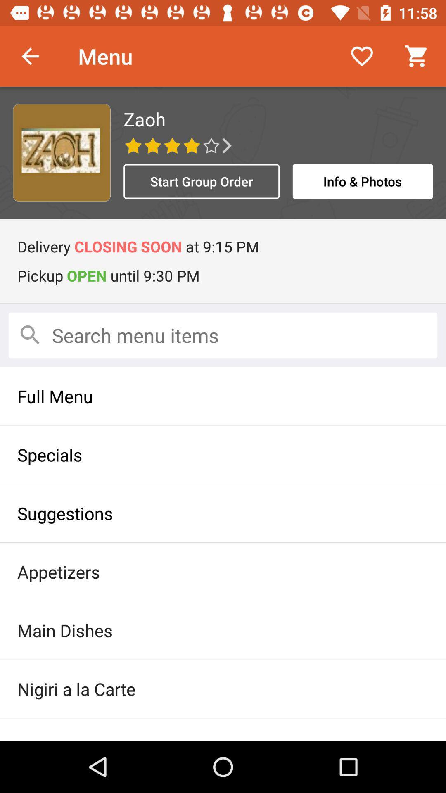 This screenshot has height=793, width=446. Describe the element at coordinates (202, 181) in the screenshot. I see `start group order icon` at that location.